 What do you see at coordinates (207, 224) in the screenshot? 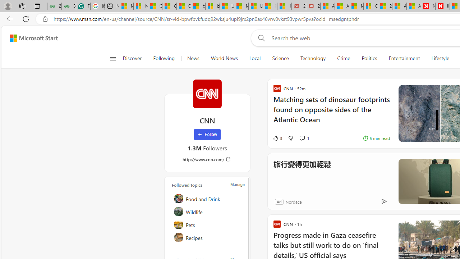
I see `'Pets'` at bounding box center [207, 224].